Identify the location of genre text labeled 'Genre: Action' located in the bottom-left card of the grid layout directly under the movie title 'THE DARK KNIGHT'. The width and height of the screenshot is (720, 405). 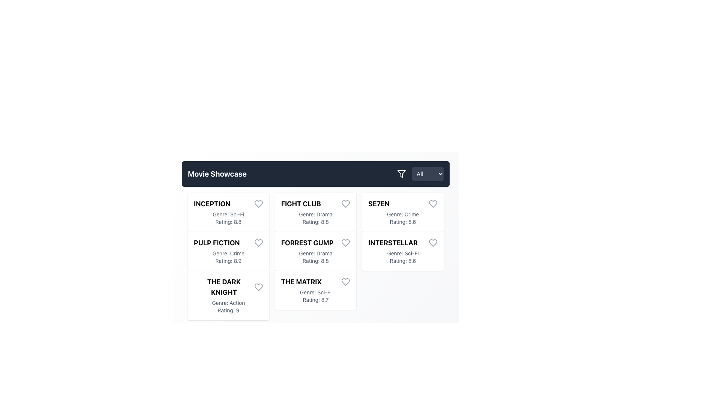
(237, 302).